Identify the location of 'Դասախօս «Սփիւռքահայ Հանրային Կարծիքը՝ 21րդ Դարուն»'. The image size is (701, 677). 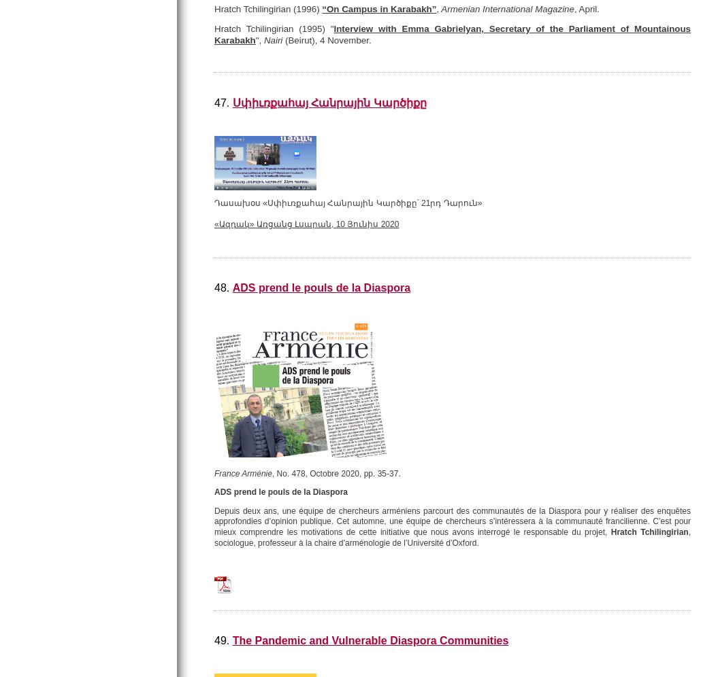
(347, 202).